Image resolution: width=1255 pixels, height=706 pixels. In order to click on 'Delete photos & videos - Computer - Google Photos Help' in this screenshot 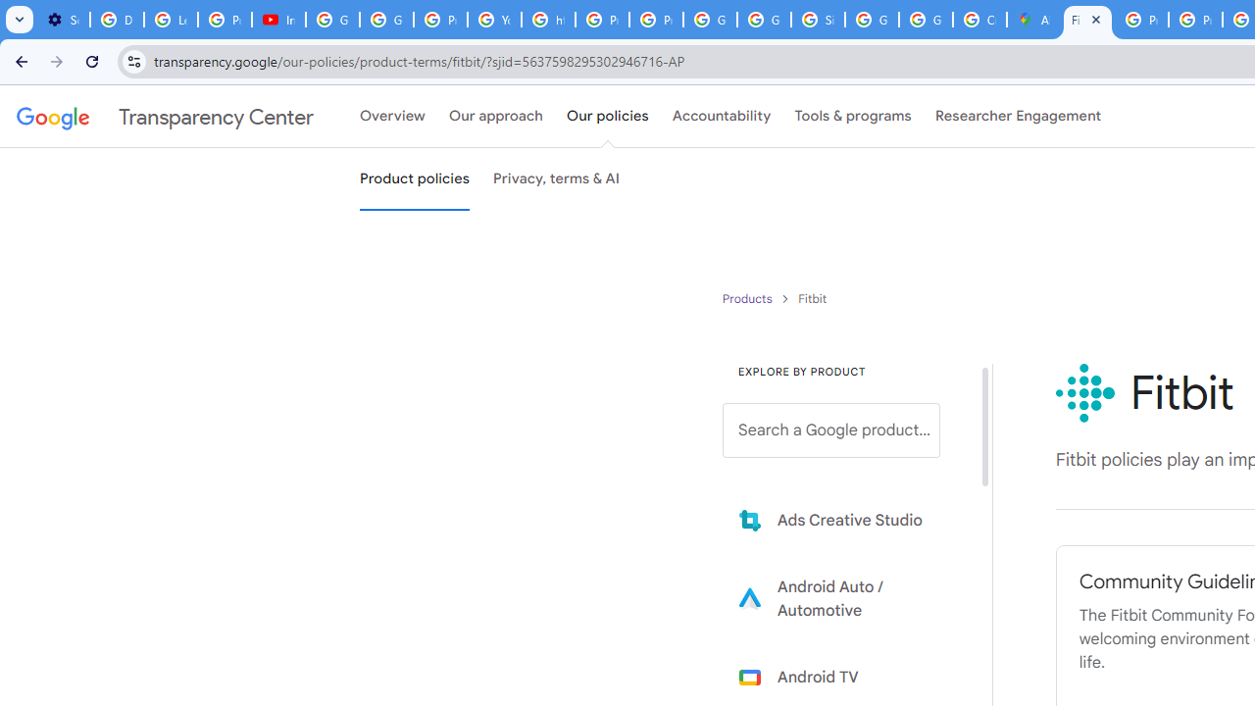, I will do `click(116, 20)`.